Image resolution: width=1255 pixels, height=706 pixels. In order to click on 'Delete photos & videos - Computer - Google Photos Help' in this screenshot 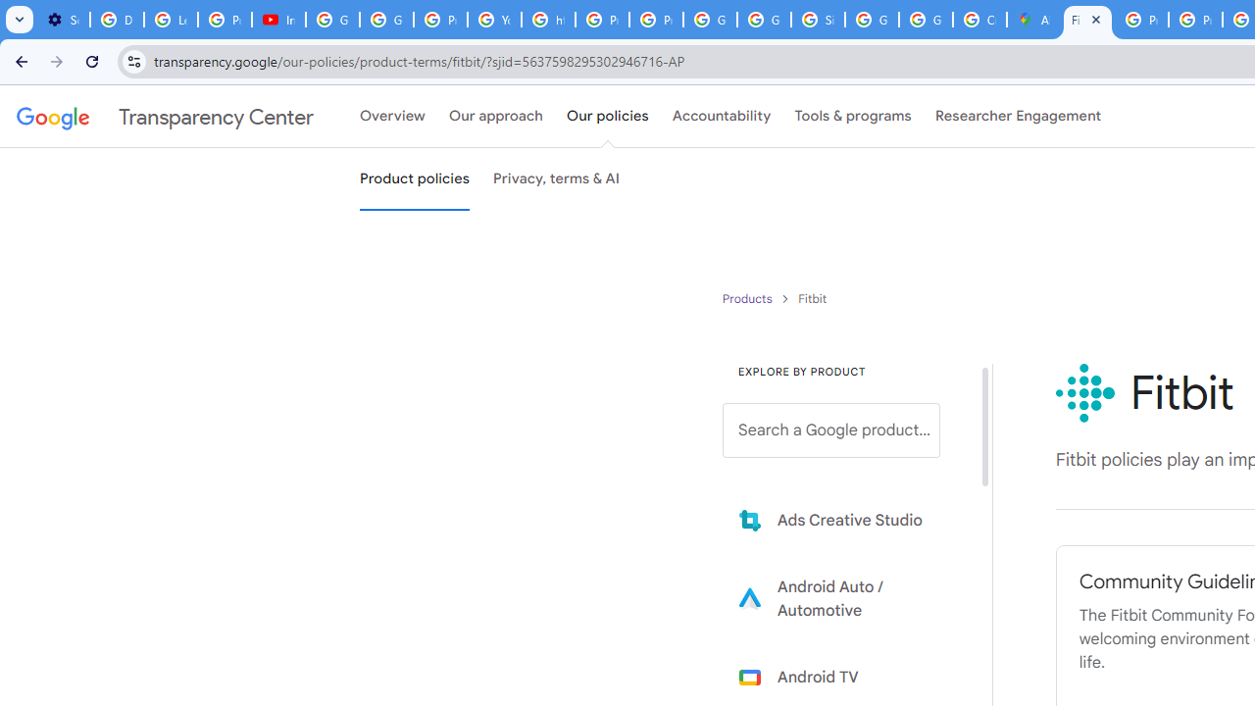, I will do `click(116, 20)`.